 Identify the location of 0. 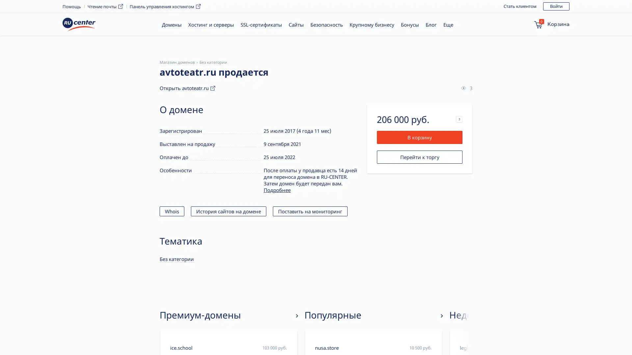
(551, 24).